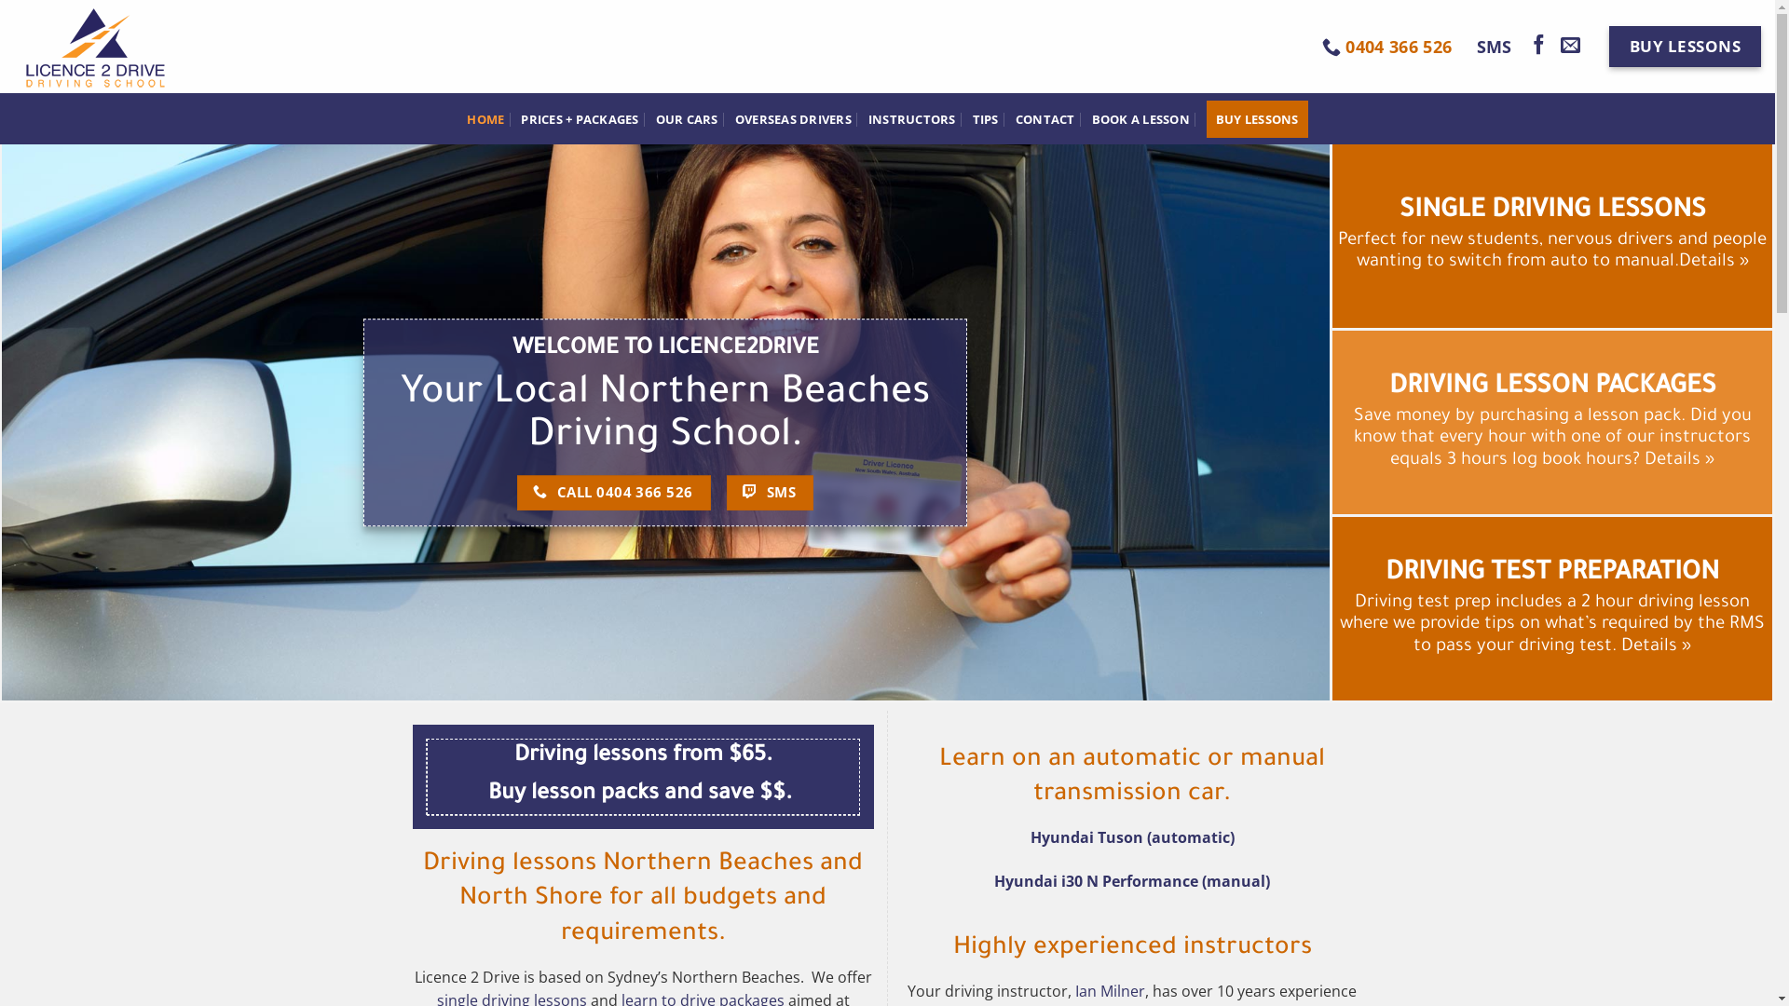 The width and height of the screenshot is (1789, 1006). I want to click on 'Ian Milner', so click(1110, 990).